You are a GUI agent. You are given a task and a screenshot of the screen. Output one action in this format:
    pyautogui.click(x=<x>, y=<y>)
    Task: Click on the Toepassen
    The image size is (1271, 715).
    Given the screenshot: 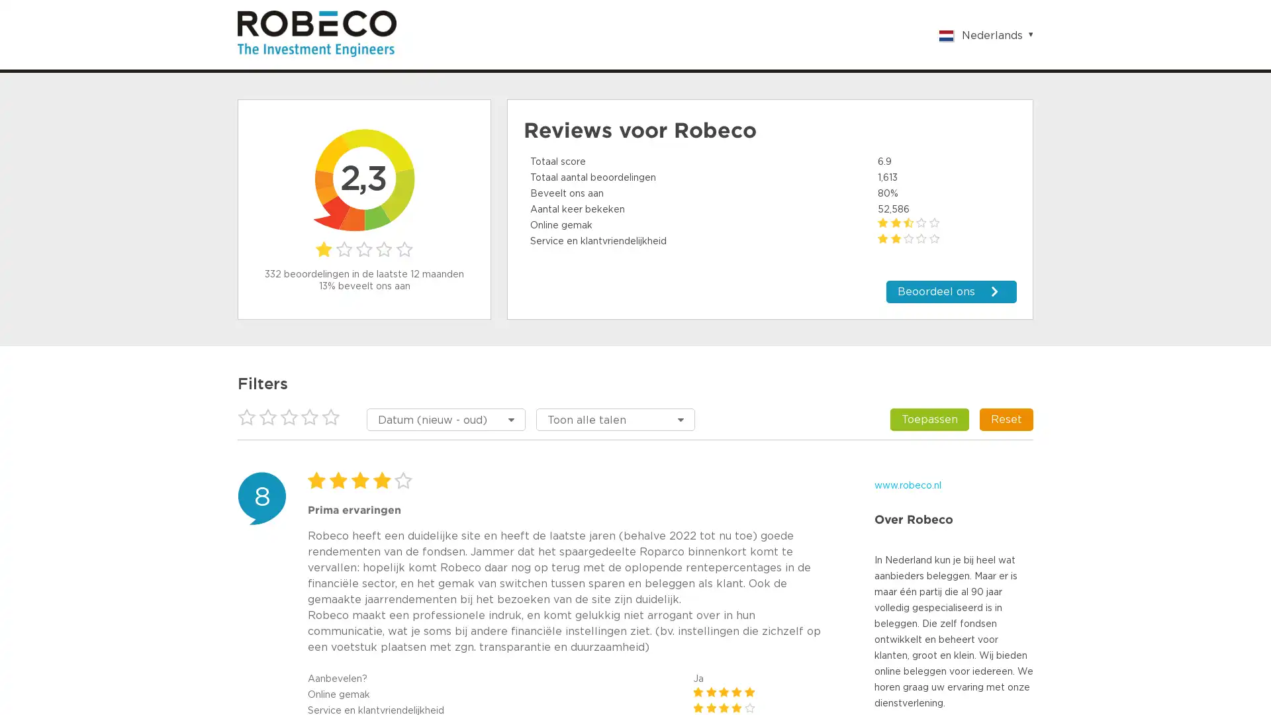 What is the action you would take?
    pyautogui.click(x=929, y=419)
    